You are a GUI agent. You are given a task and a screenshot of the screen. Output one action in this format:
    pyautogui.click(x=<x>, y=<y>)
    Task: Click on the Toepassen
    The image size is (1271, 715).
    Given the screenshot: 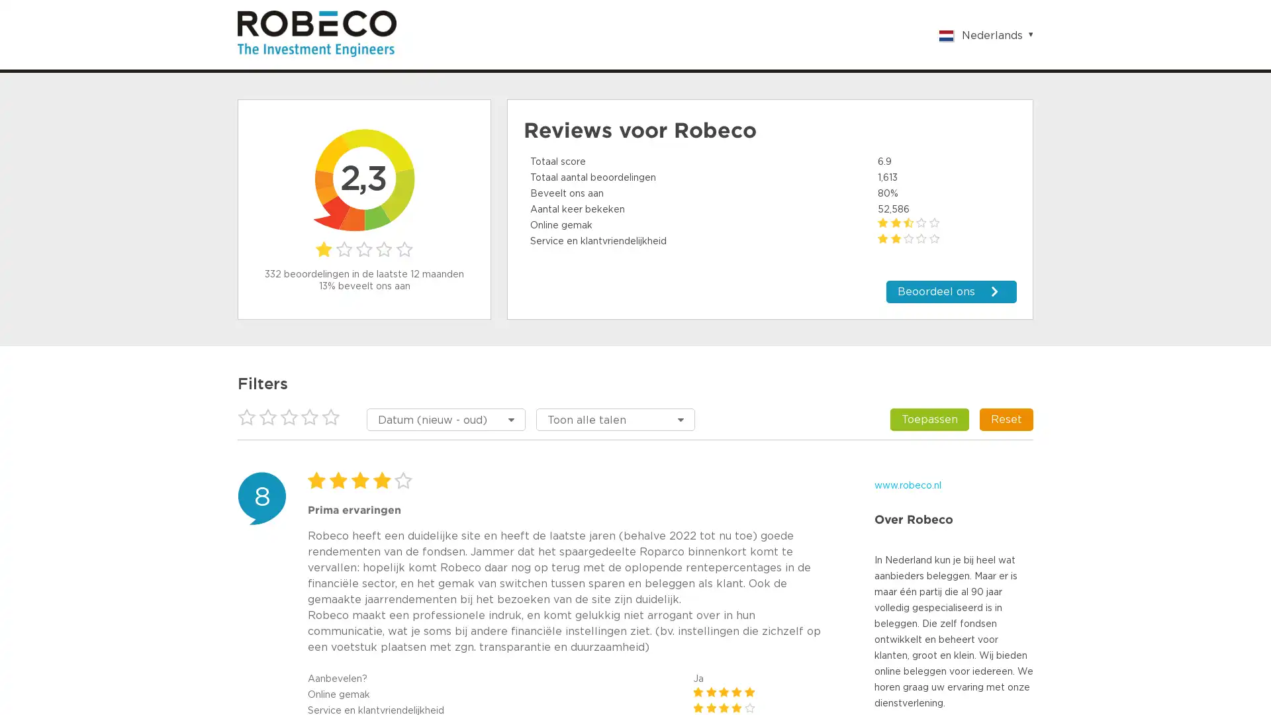 What is the action you would take?
    pyautogui.click(x=929, y=419)
    